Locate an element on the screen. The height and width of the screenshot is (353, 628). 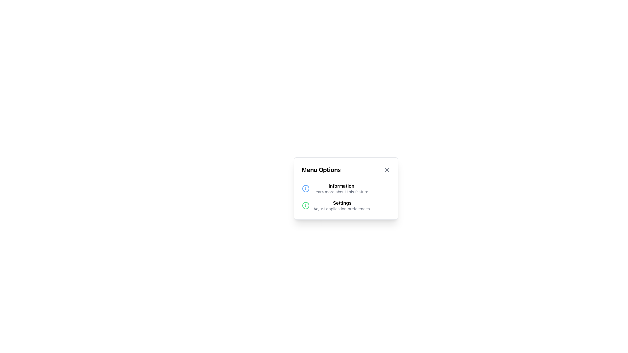
text label titled 'Information' with subtext 'Learn more about this feature.' located beneath the header 'Menu Options' in the card layout is located at coordinates (341, 188).